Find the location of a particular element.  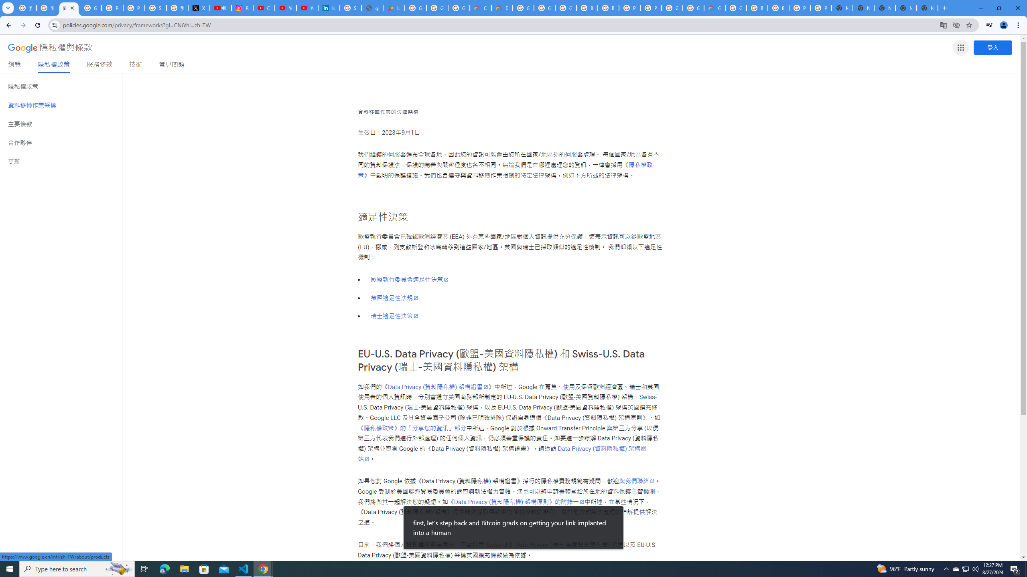

'Browse Chrome as a guest - Computer - Google Chrome Help' is located at coordinates (757, 8).